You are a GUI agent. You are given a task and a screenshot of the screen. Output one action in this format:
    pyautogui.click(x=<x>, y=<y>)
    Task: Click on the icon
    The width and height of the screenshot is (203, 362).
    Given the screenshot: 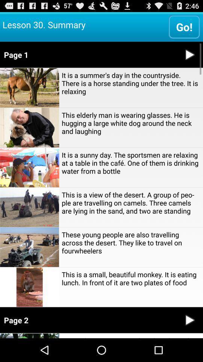 What is the action you would take?
    pyautogui.click(x=189, y=320)
    